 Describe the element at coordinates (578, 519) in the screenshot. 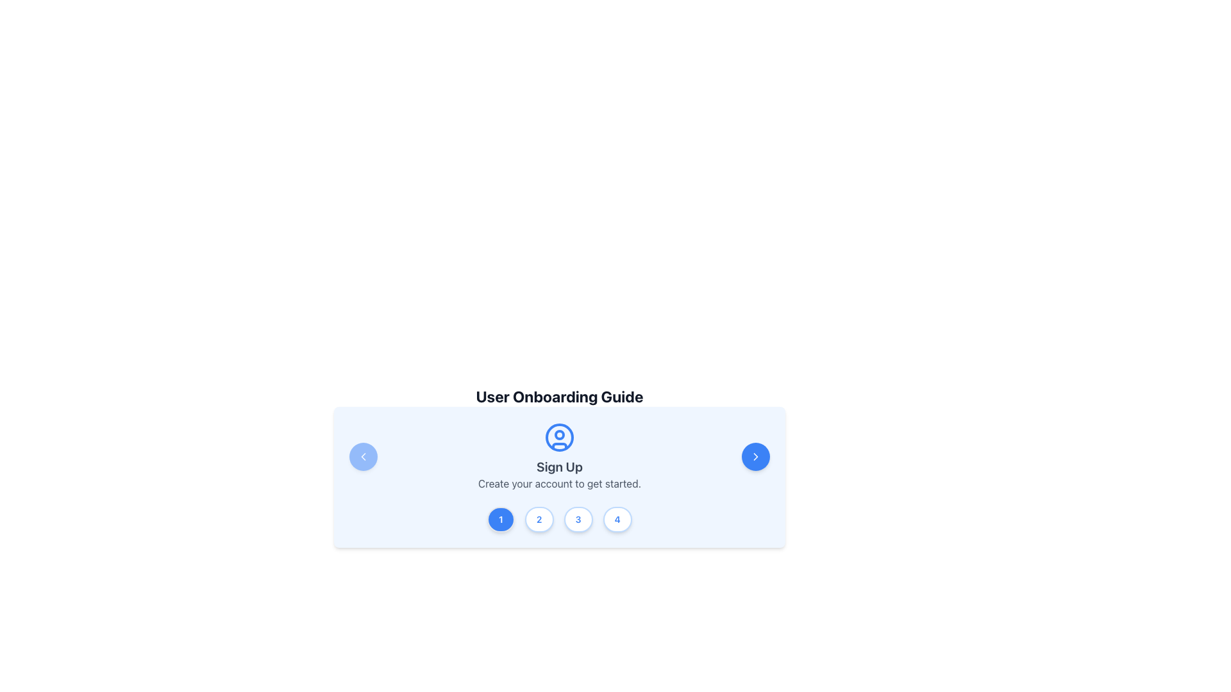

I see `the circular button labeled '3' with a blue font against a white background` at that location.